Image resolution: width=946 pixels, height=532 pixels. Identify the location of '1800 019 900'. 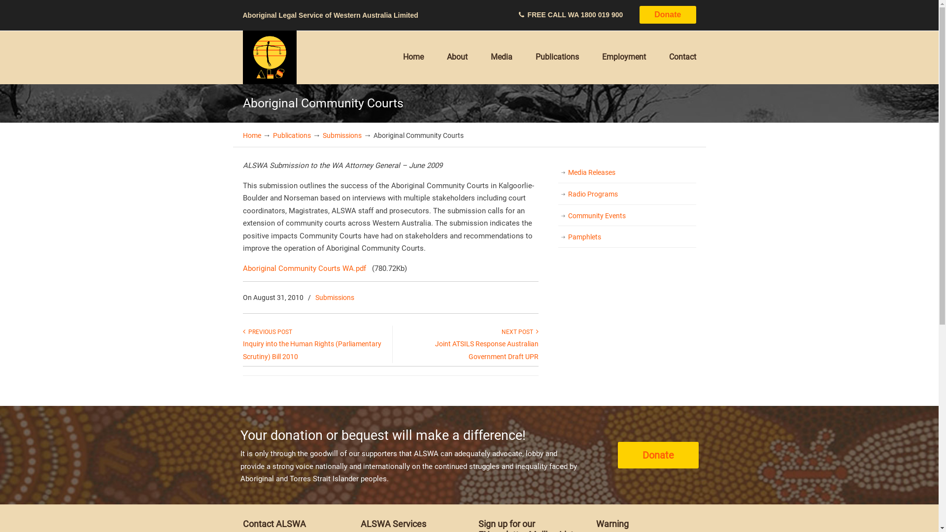
(602, 15).